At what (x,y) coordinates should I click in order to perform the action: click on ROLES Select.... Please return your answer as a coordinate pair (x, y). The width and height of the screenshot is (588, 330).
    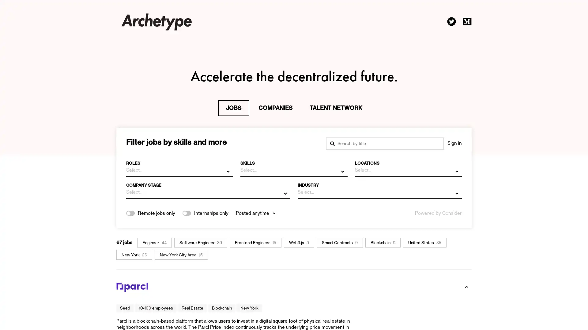
    Looking at the image, I should click on (179, 166).